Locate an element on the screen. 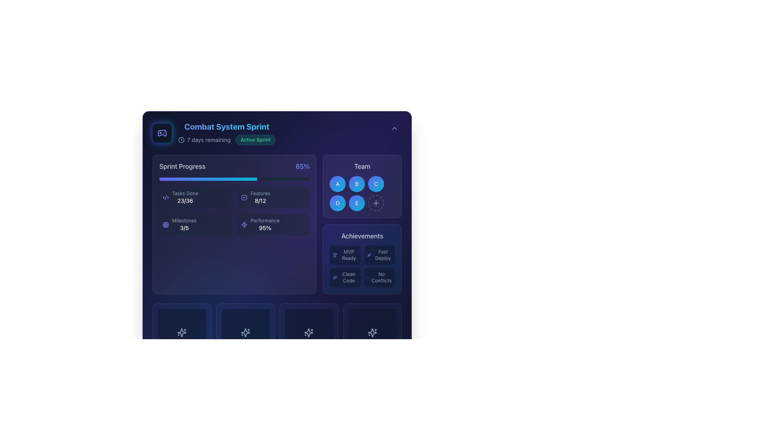  the decorative icon located to the left of the 'Clean Code' text in the 'Achievements' section to visually reinforce the label is located at coordinates (335, 277).